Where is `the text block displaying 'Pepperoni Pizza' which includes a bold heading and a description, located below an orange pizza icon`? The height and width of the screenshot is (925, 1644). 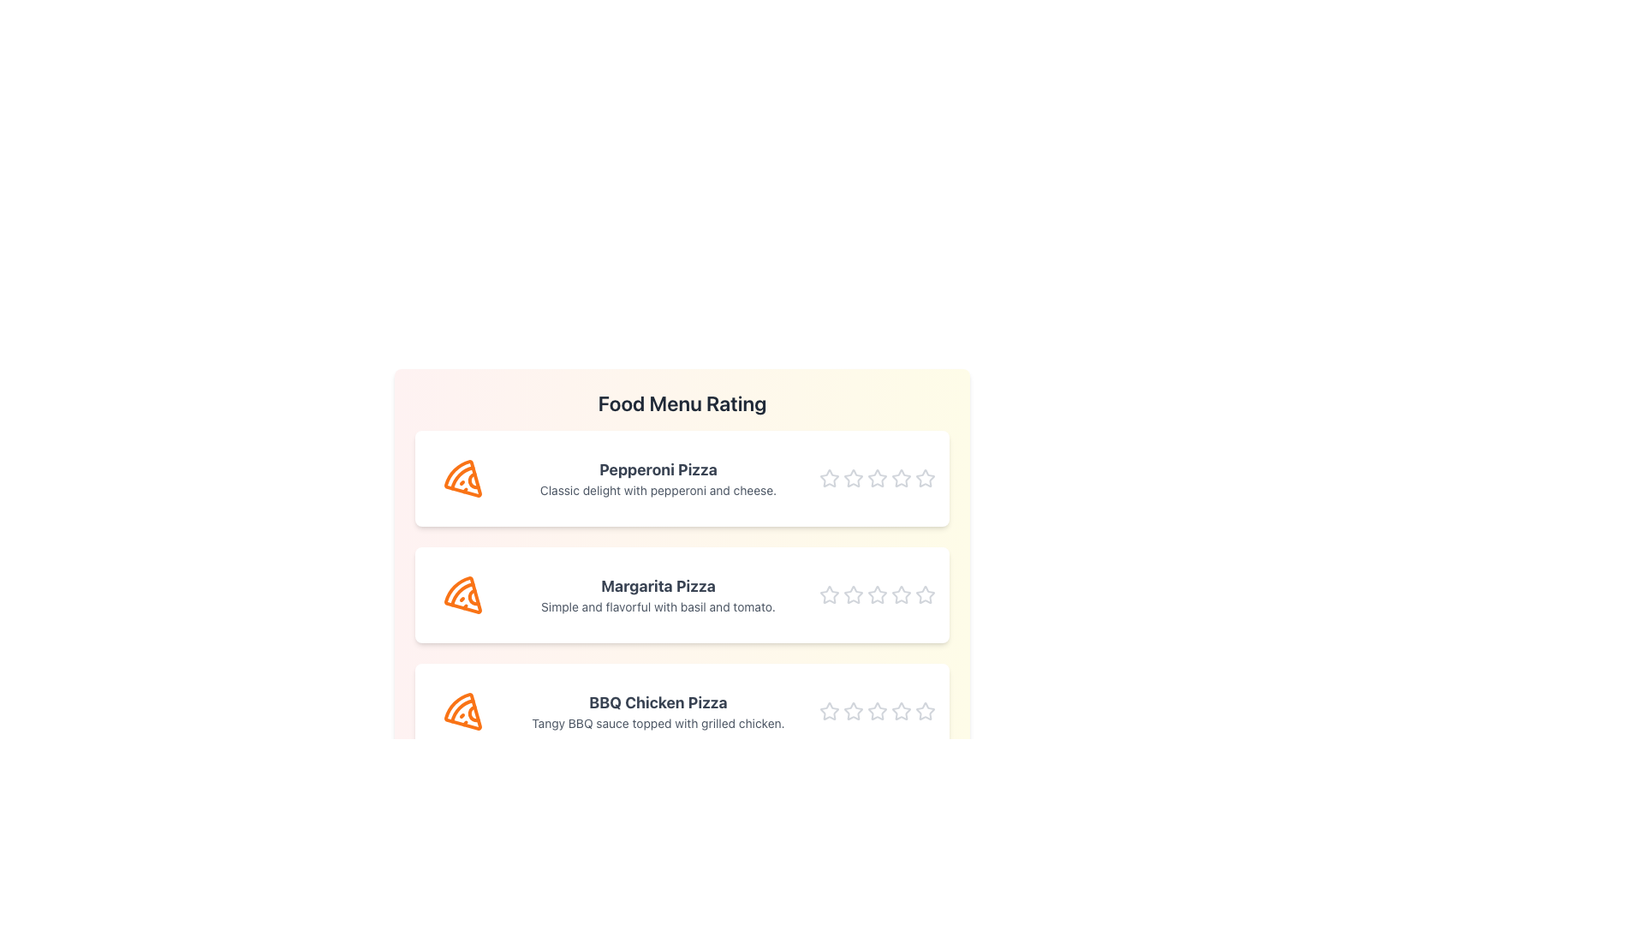
the text block displaying 'Pepperoni Pizza' which includes a bold heading and a description, located below an orange pizza icon is located at coordinates (657, 479).